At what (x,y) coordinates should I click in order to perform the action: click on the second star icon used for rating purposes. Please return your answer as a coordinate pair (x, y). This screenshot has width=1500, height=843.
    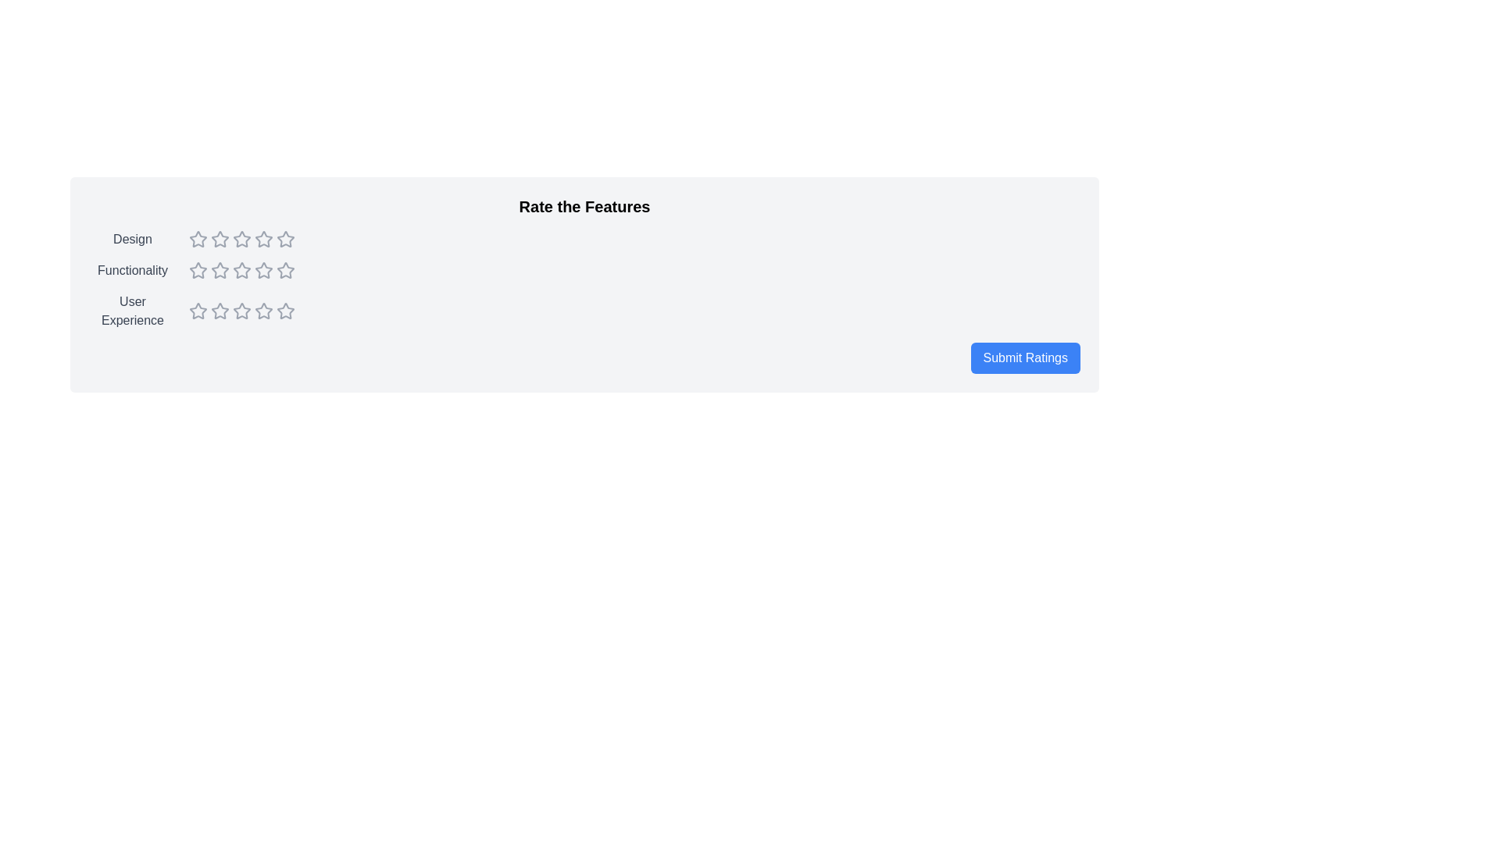
    Looking at the image, I should click on (241, 239).